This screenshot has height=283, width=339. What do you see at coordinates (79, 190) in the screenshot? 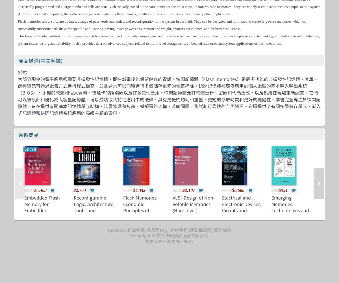
I see `'$2,754'` at bounding box center [79, 190].